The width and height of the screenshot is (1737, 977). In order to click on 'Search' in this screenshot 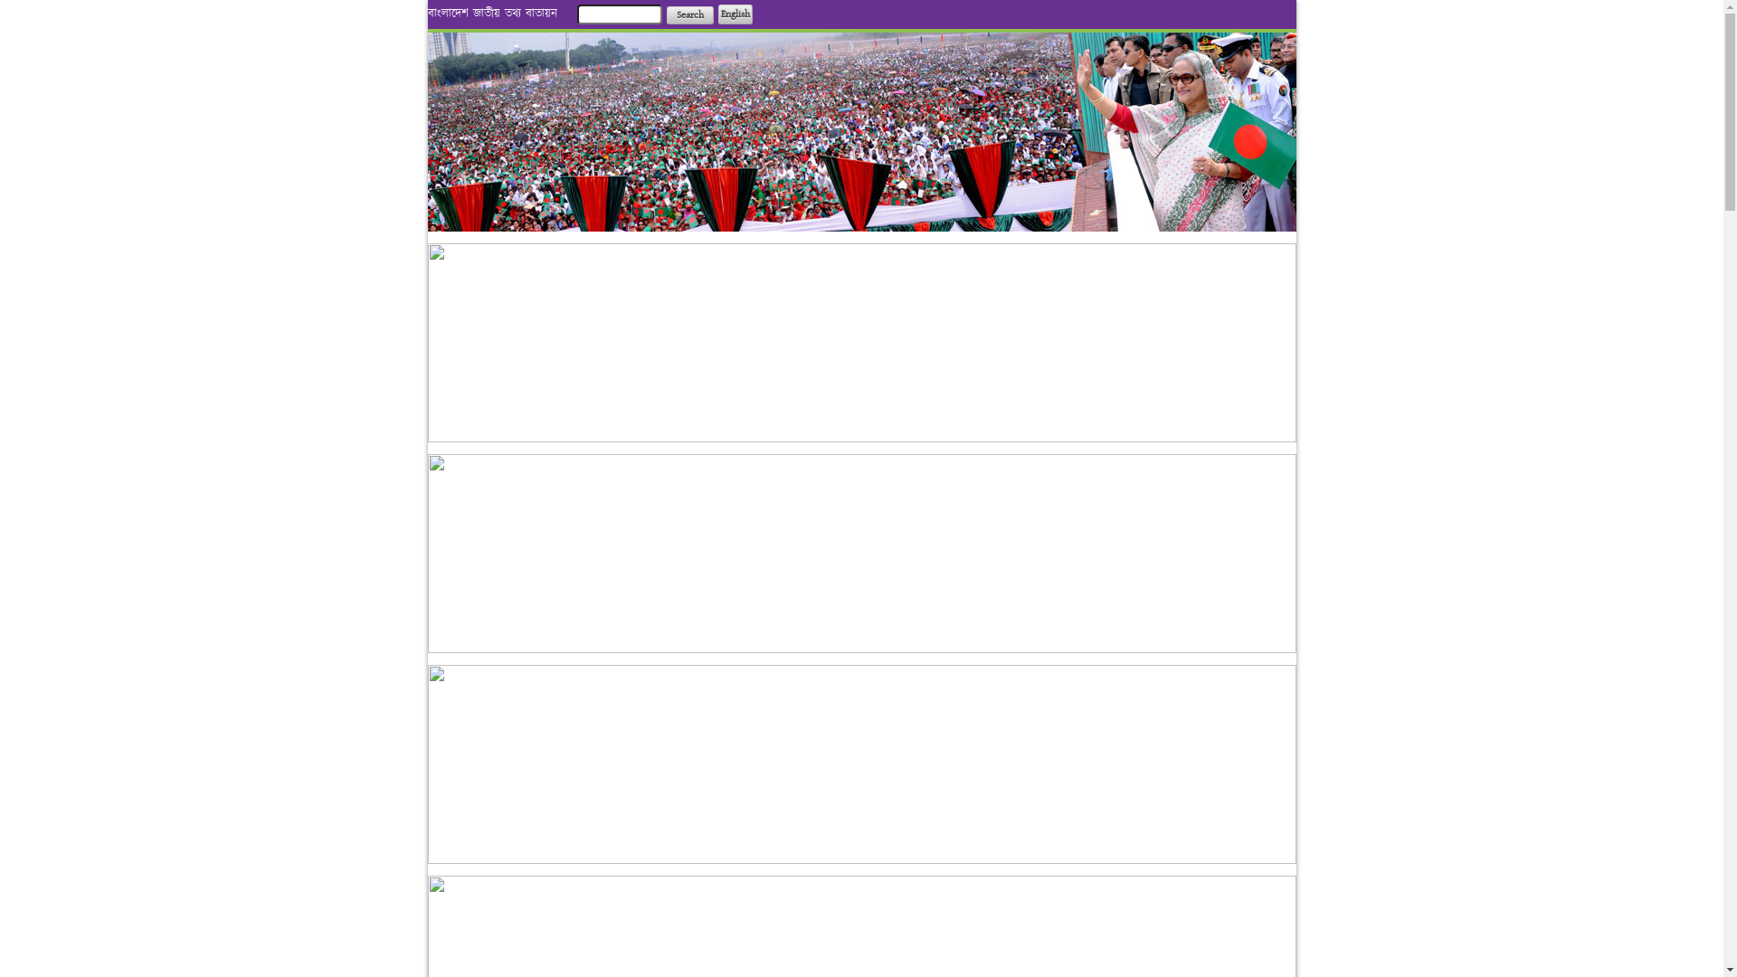, I will do `click(688, 14)`.